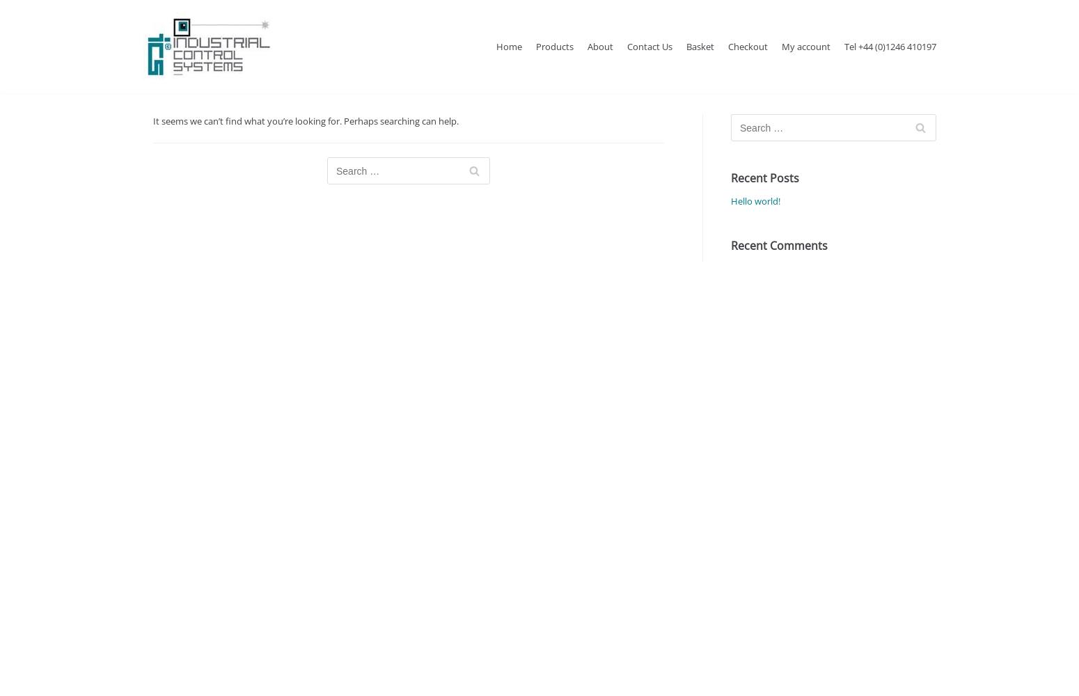 This screenshot has width=1079, height=696. What do you see at coordinates (805, 45) in the screenshot?
I see `'My account'` at bounding box center [805, 45].